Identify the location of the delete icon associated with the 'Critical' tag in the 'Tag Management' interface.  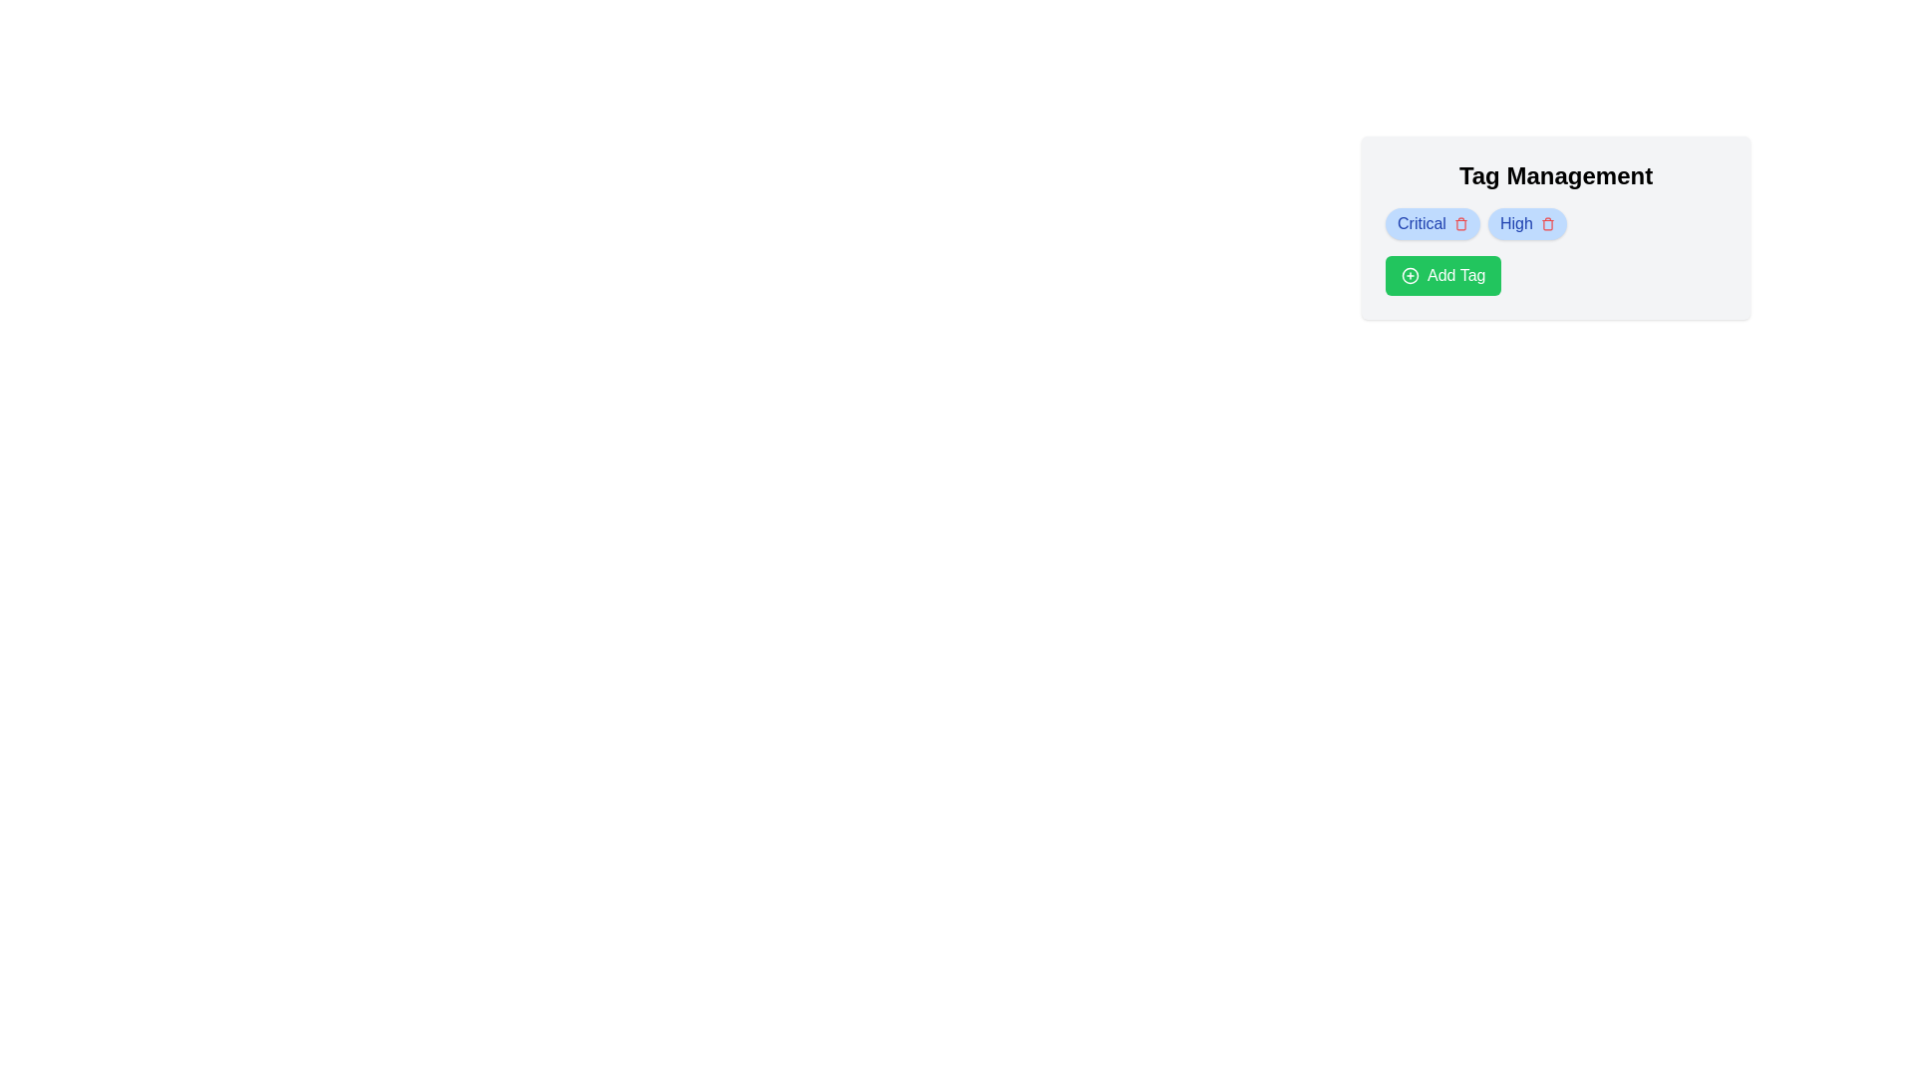
(1460, 224).